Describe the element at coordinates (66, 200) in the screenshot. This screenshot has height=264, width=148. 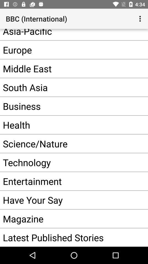
I see `item below the entertainment` at that location.